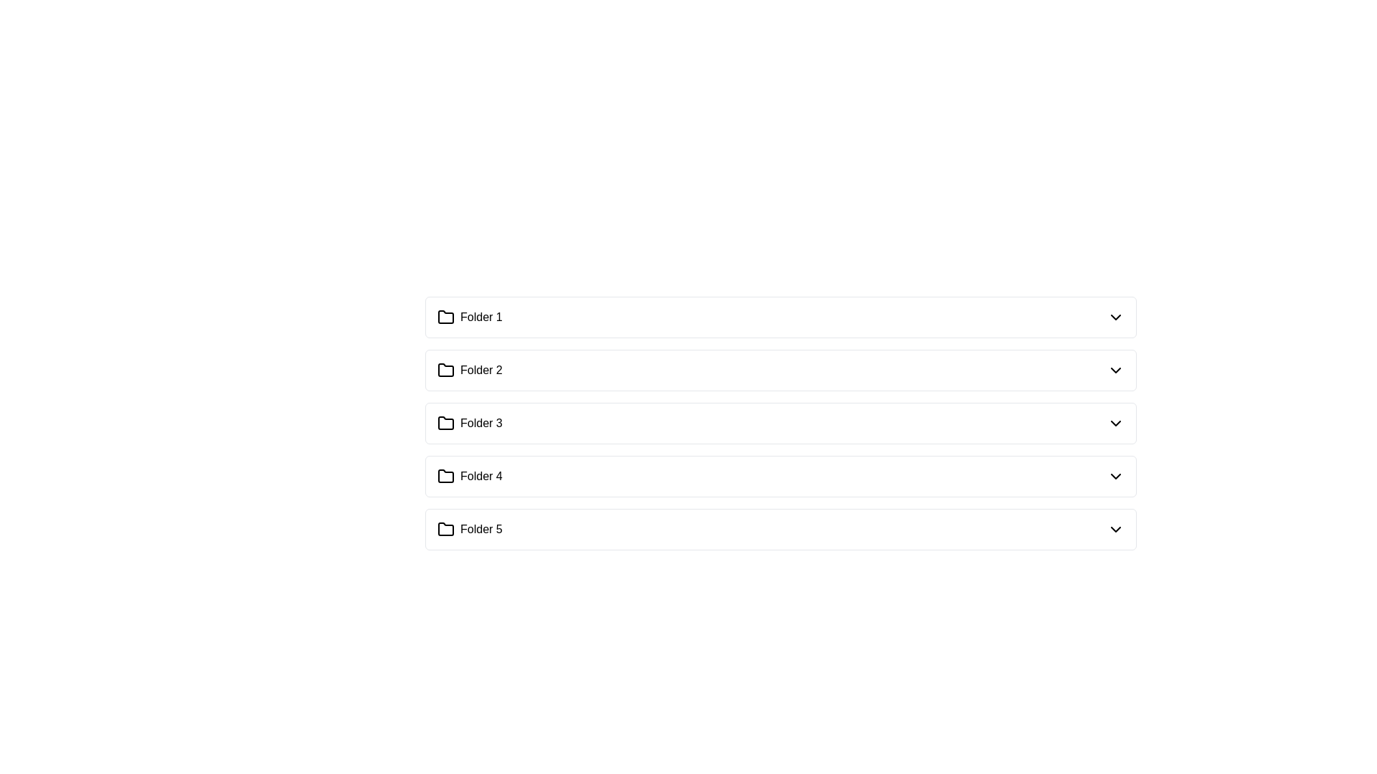 The image size is (1377, 774). What do you see at coordinates (469, 422) in the screenshot?
I see `the text 'Folder 3' in the list entry that includes a folder icon` at bounding box center [469, 422].